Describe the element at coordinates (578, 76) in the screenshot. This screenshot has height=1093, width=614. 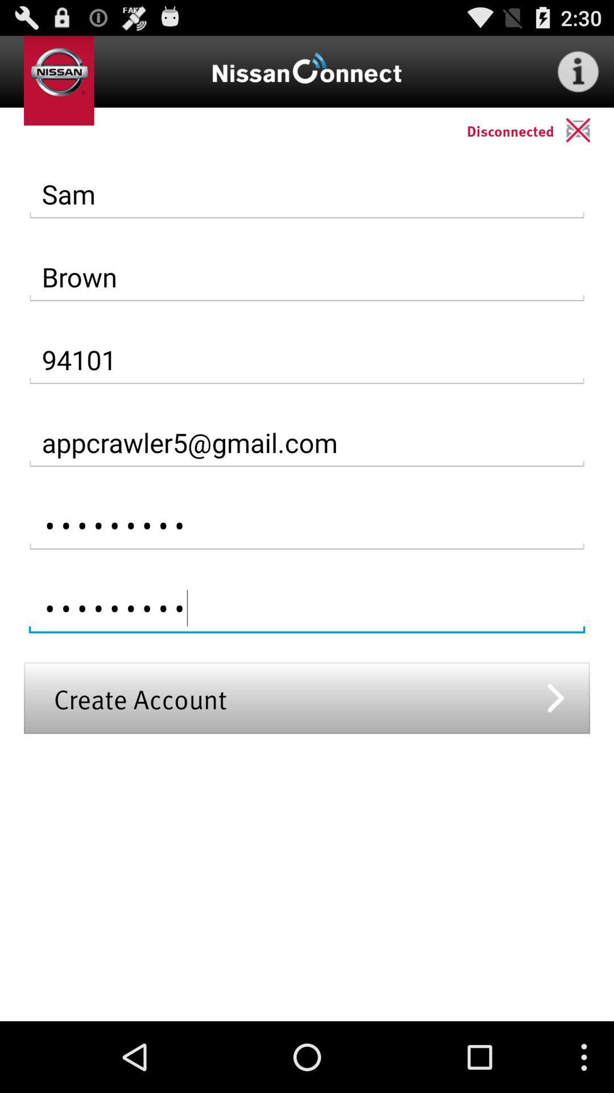
I see `the info icon` at that location.